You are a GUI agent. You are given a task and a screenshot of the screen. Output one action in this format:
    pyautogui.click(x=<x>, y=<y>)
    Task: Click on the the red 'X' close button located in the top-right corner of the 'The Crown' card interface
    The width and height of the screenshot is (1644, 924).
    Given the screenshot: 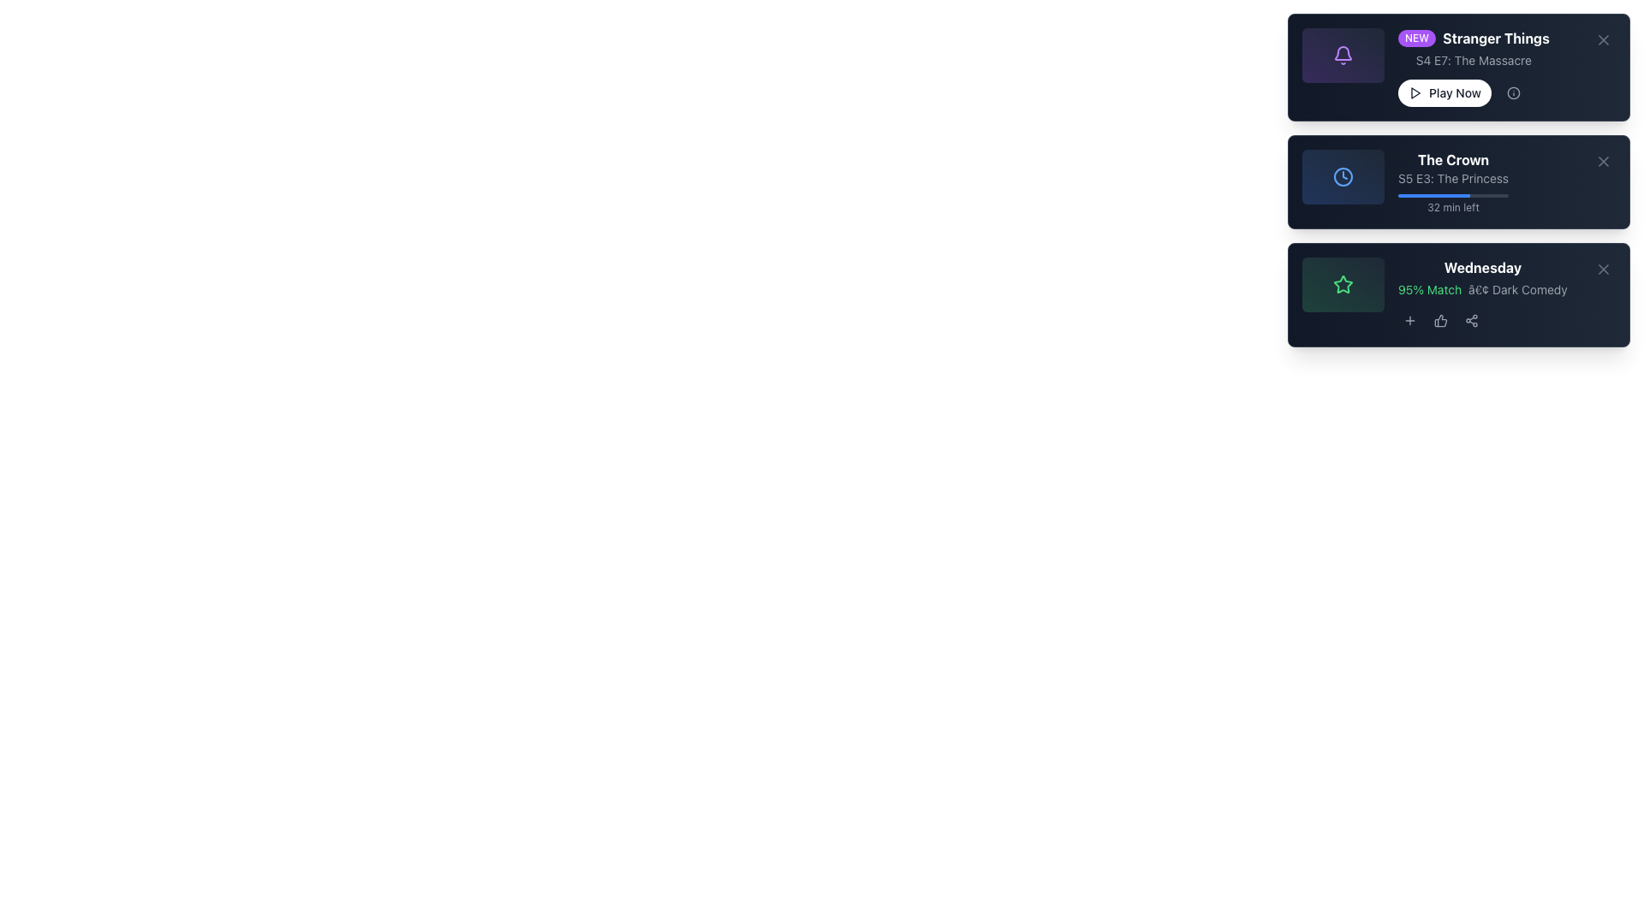 What is the action you would take?
    pyautogui.click(x=1602, y=162)
    